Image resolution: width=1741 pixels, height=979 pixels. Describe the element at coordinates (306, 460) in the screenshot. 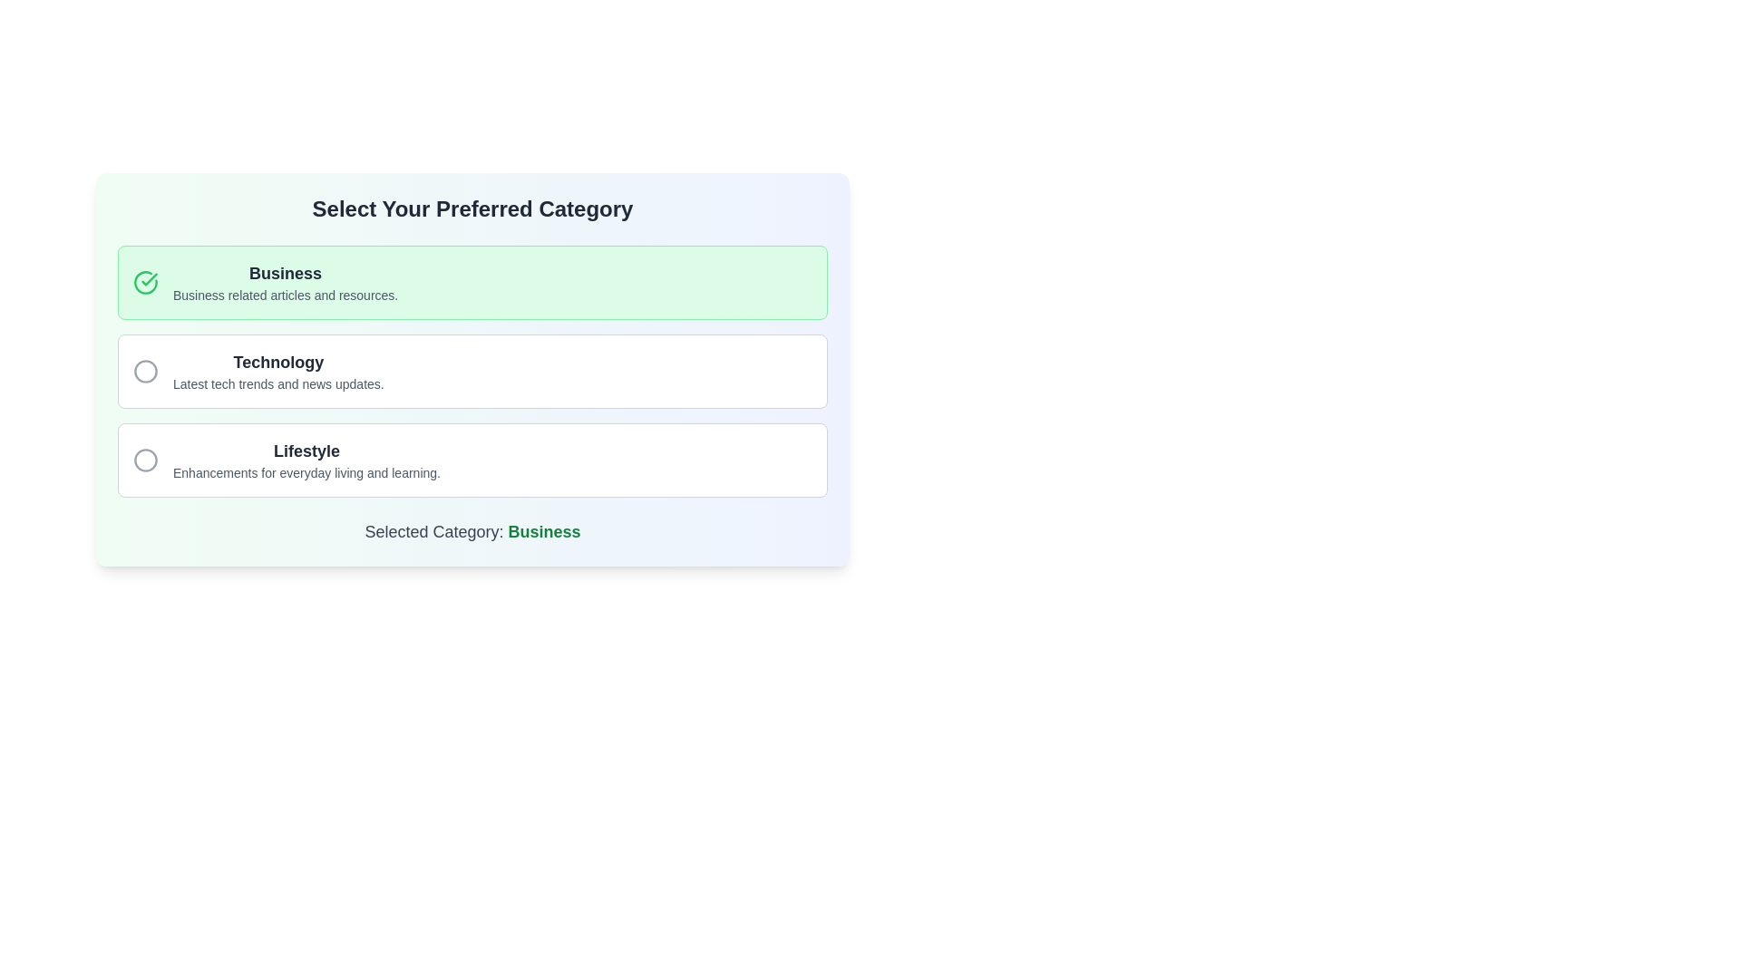

I see `the 'Lifestyle' category description text block, which is located within the third selectable category option in the displayed list, between 'Technology' and 'Selected Category'` at that location.